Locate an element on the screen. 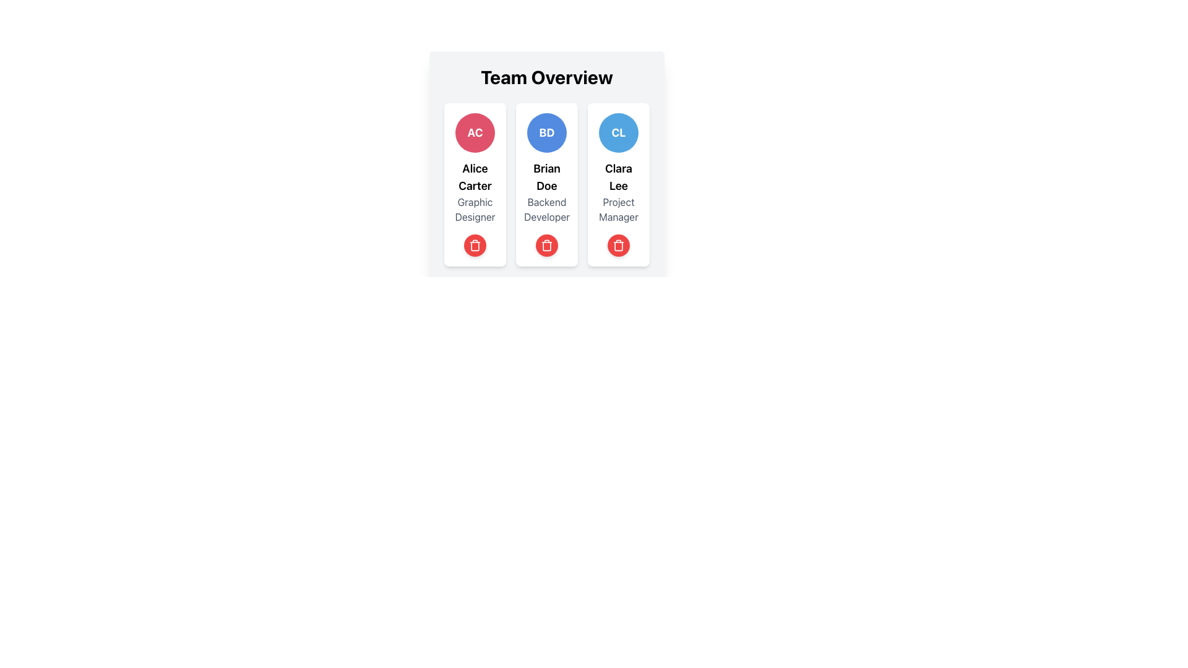  the trash bin icon within the SVG representation located at the bottom of the second card, which is the middle icon in the sequence, indicating delete functionality is located at coordinates (546, 246).